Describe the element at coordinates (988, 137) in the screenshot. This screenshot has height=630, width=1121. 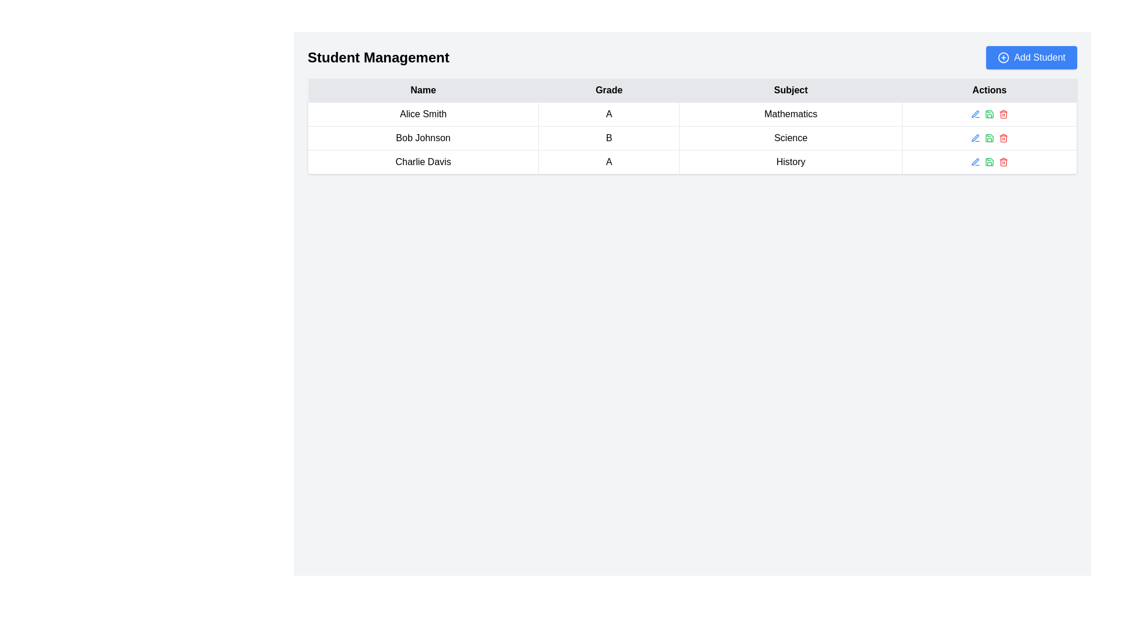
I see `the delete icon from the group of interactive icons in the 'Actions' column of the table row for 'Bob Johnson'` at that location.